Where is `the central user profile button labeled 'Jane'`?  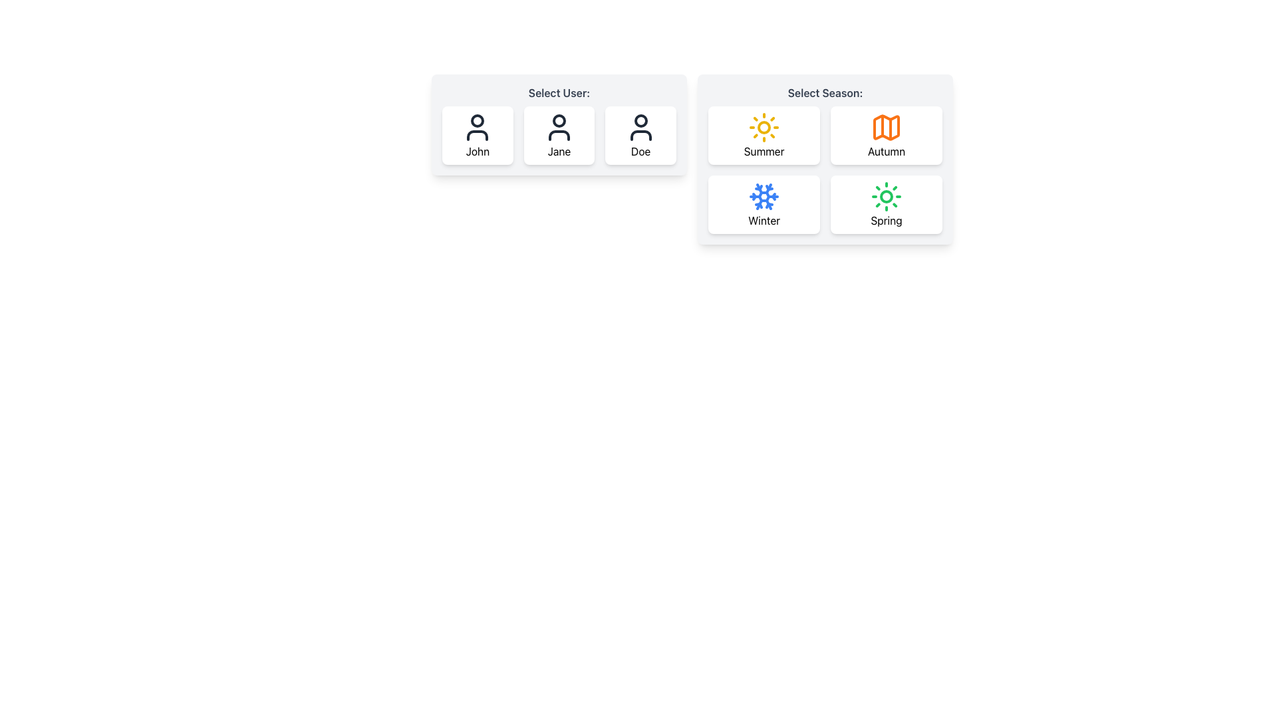
the central user profile button labeled 'Jane' is located at coordinates (559, 136).